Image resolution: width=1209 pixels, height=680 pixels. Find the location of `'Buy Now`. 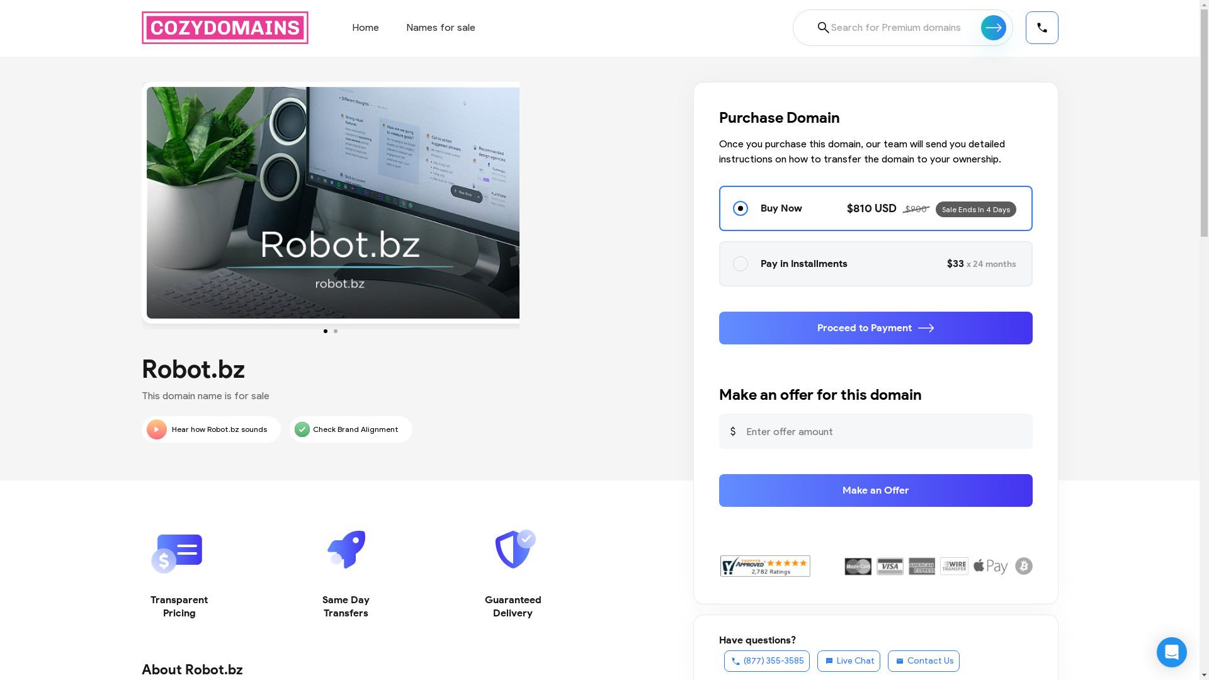

'Buy Now is located at coordinates (875, 208).